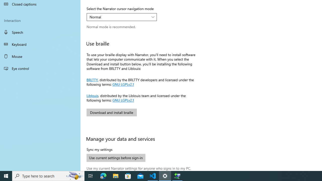 The width and height of the screenshot is (322, 181). Describe the element at coordinates (103, 175) in the screenshot. I see `'Microsoft Edge'` at that location.